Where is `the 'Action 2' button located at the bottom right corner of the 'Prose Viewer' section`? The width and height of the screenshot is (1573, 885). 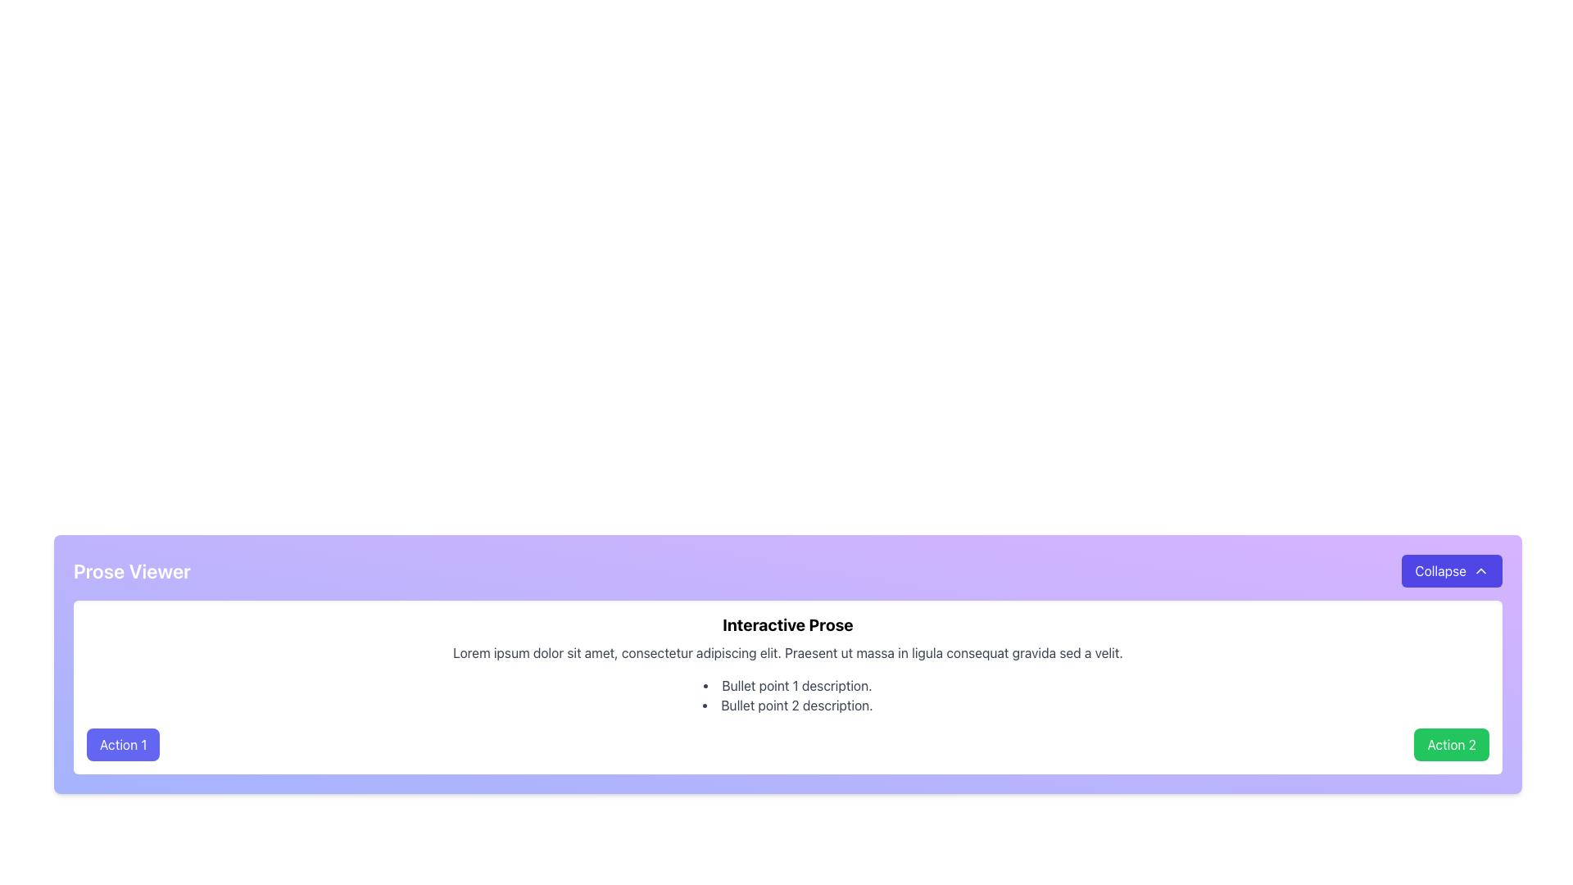
the 'Action 2' button located at the bottom right corner of the 'Prose Viewer' section is located at coordinates (1452, 745).